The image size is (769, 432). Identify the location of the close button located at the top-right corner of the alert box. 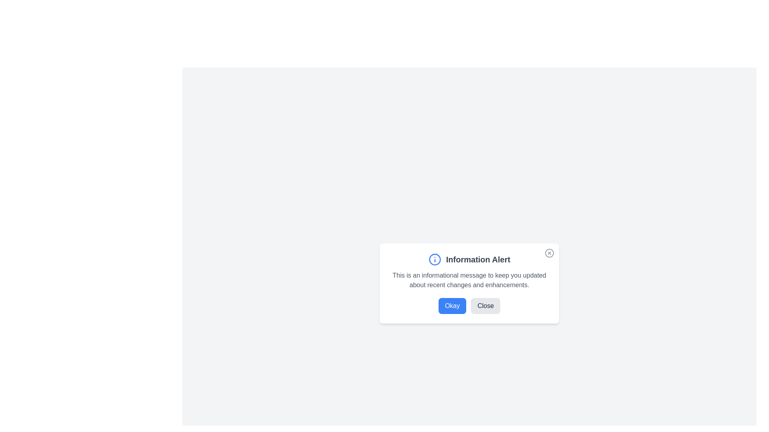
(549, 253).